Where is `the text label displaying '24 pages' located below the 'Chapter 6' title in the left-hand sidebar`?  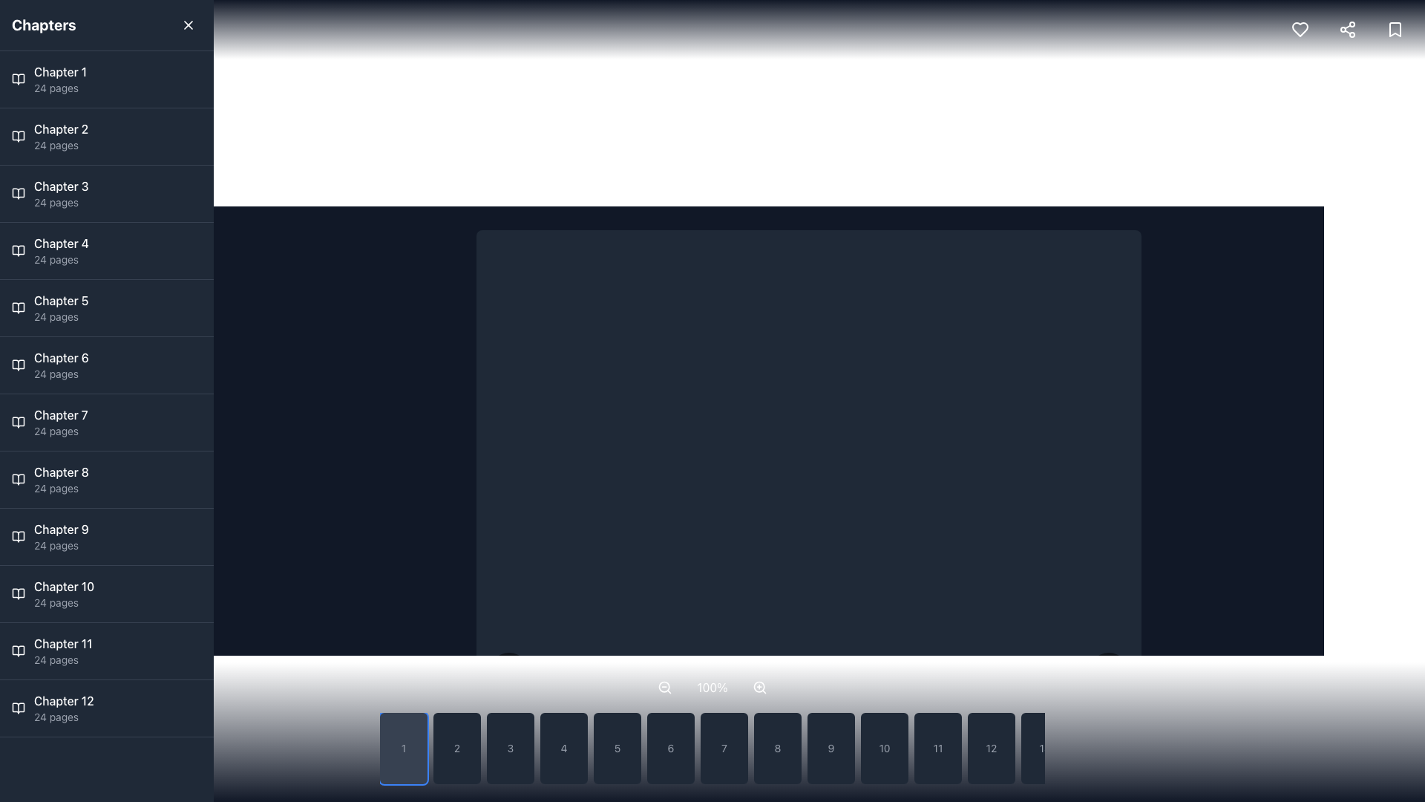
the text label displaying '24 pages' located below the 'Chapter 6' title in the left-hand sidebar is located at coordinates (60, 374).